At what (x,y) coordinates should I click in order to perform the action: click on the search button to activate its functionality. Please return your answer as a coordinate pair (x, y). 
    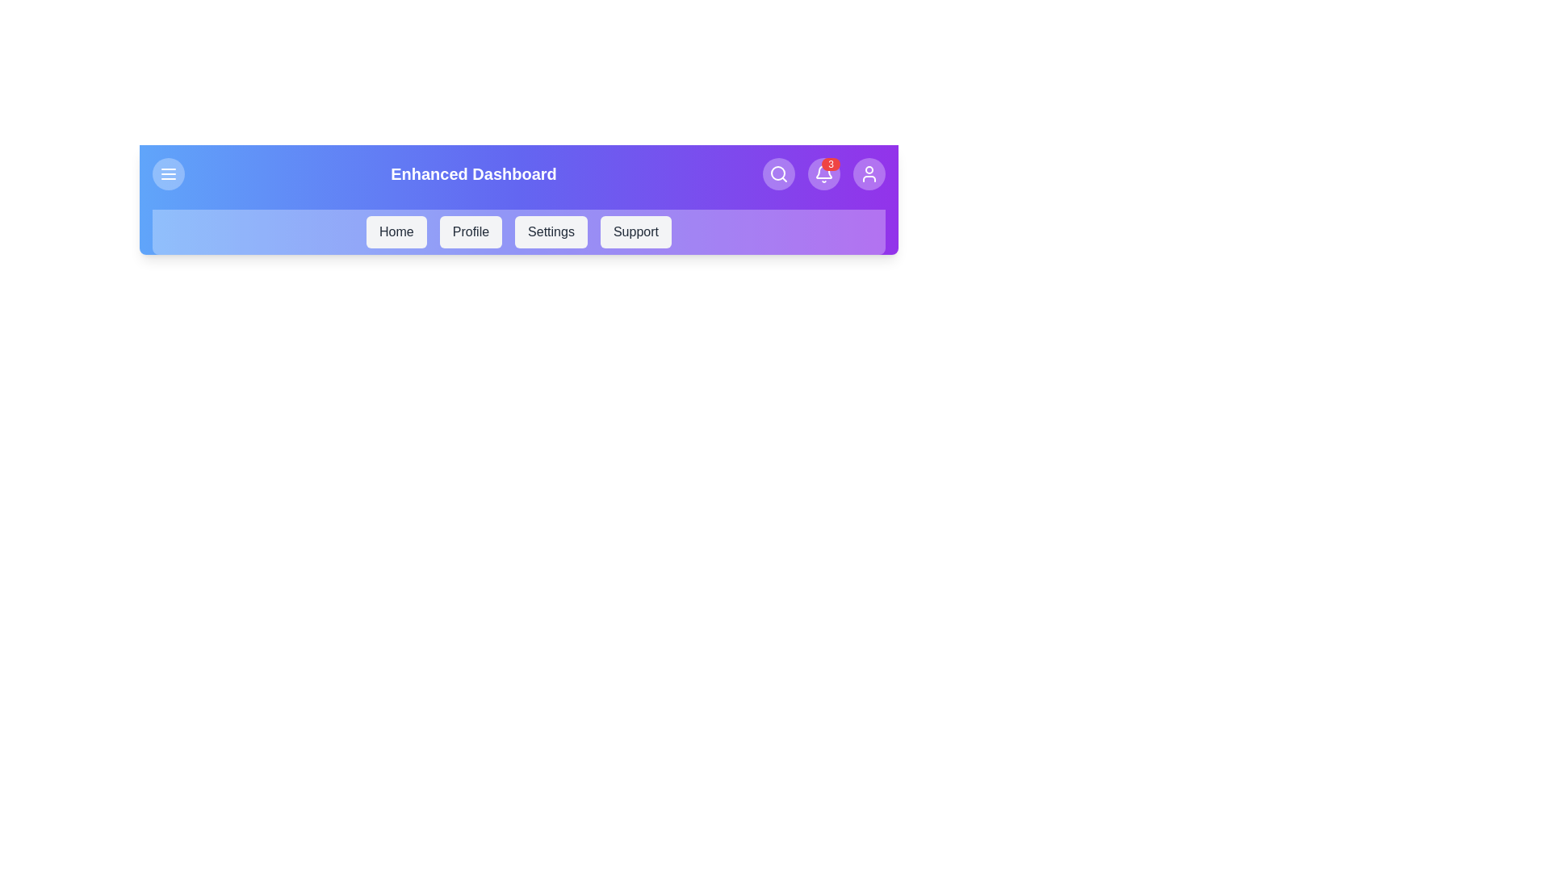
    Looking at the image, I should click on (778, 174).